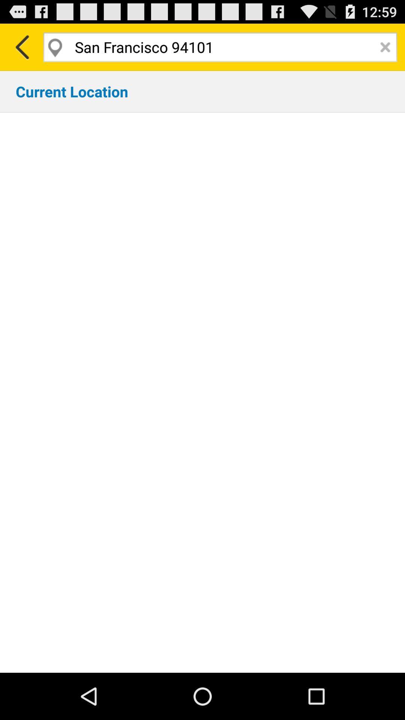  Describe the element at coordinates (385, 46) in the screenshot. I see `remove` at that location.